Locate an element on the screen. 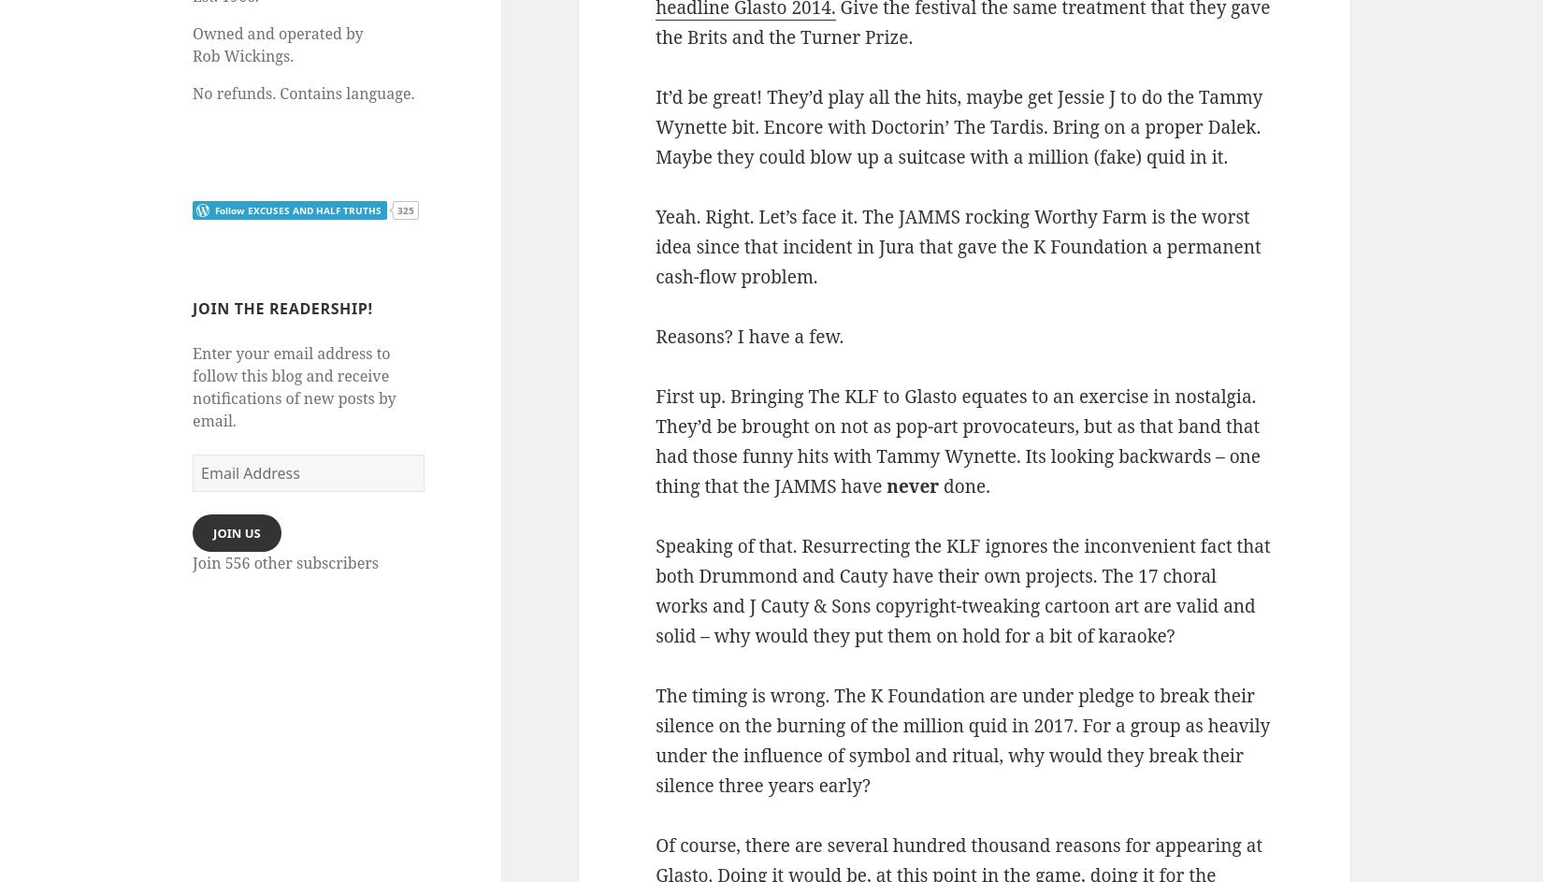 The image size is (1543, 882). 'Join Us' is located at coordinates (236, 532).